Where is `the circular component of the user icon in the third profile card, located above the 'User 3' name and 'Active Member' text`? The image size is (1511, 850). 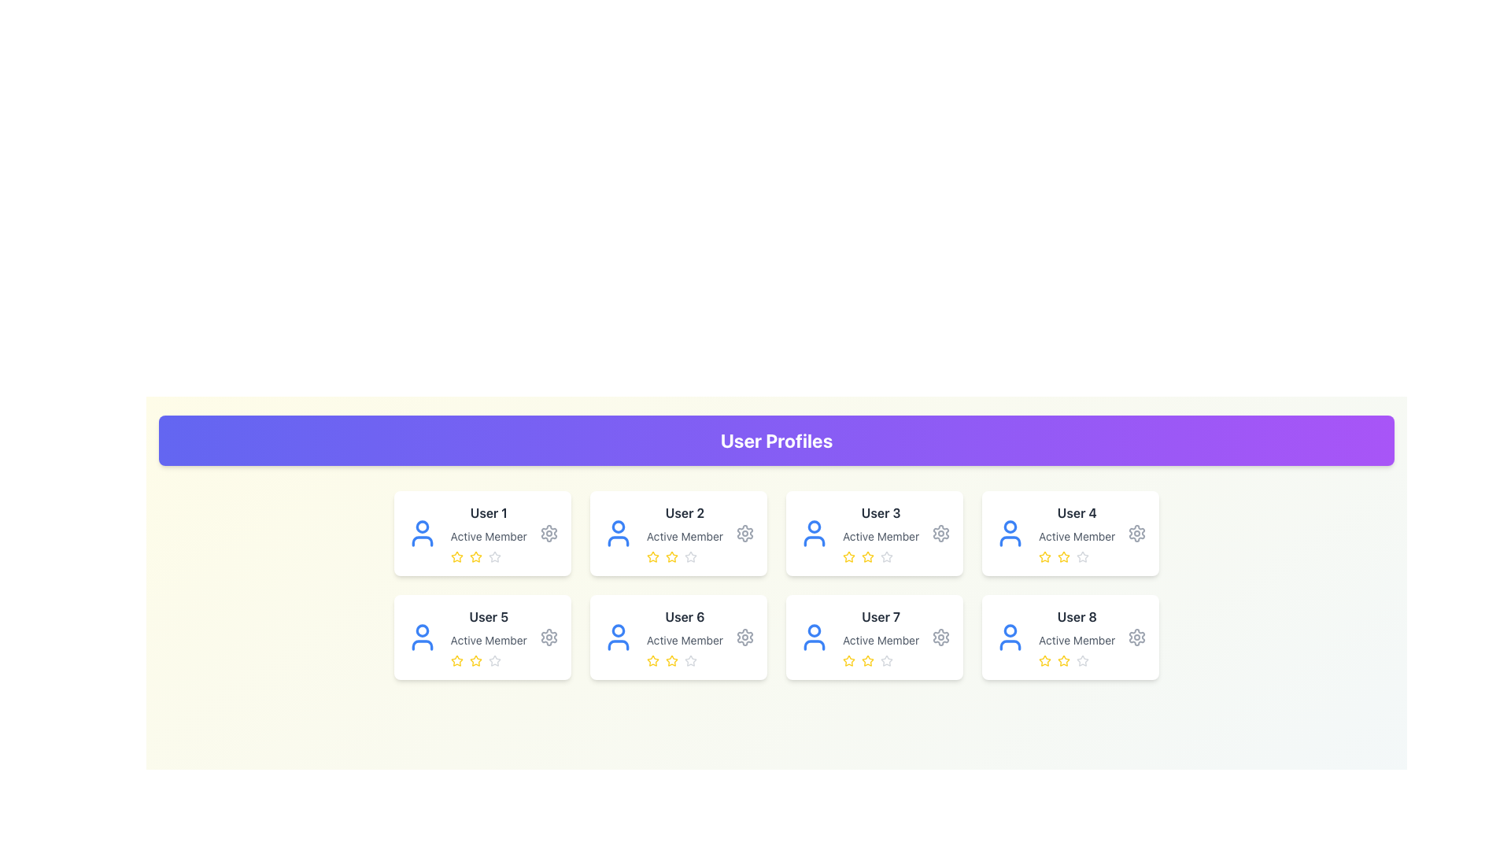
the circular component of the user icon in the third profile card, located above the 'User 3' name and 'Active Member' text is located at coordinates (815, 526).